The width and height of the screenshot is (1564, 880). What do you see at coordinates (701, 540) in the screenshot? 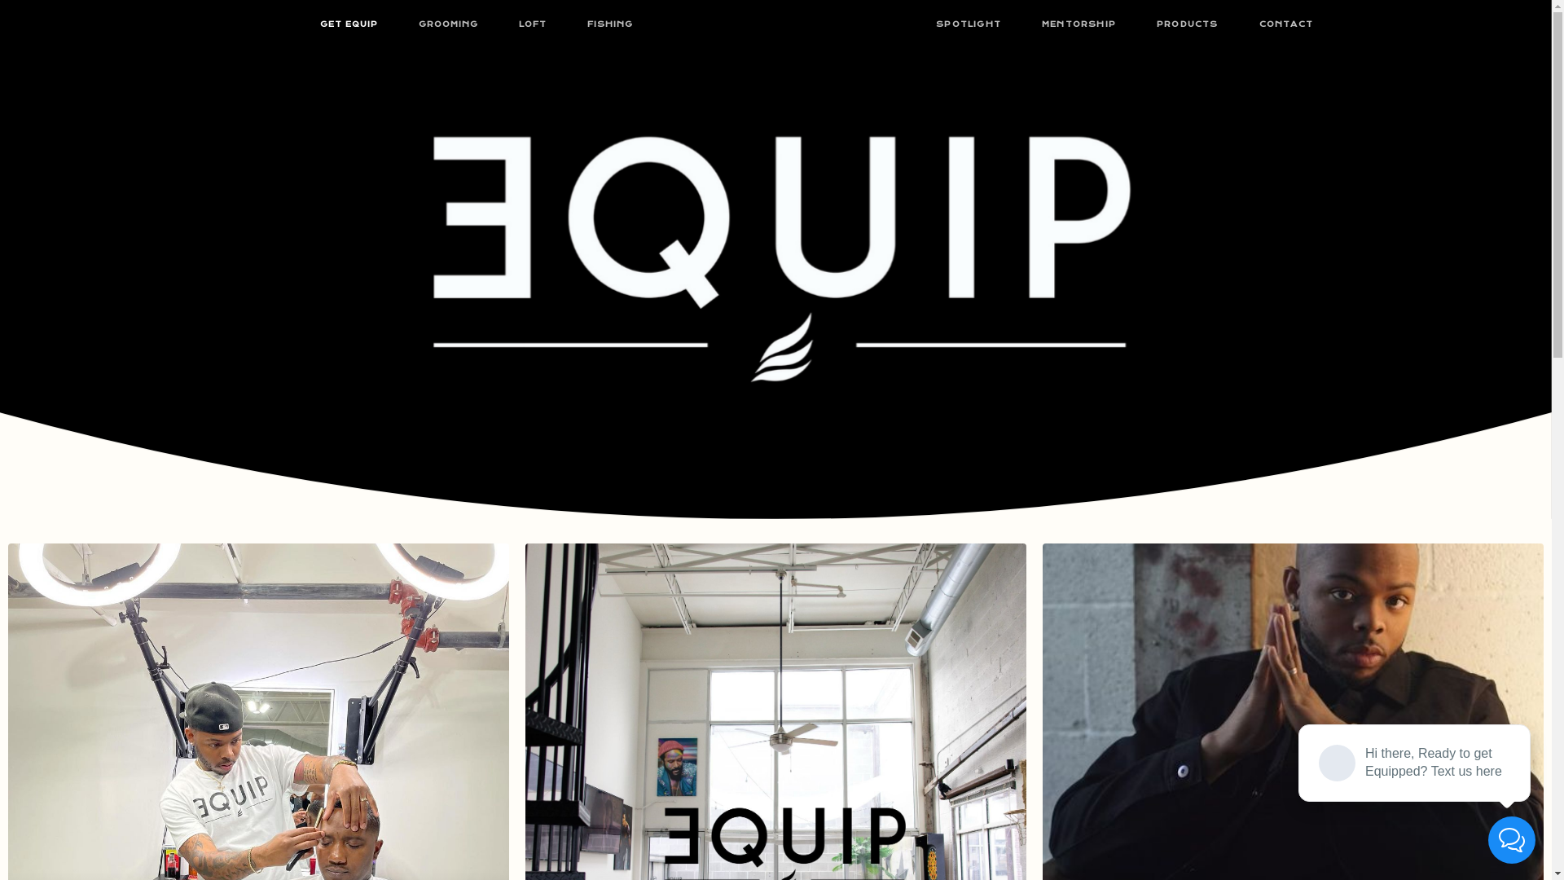
I see `'Shadow'` at bounding box center [701, 540].